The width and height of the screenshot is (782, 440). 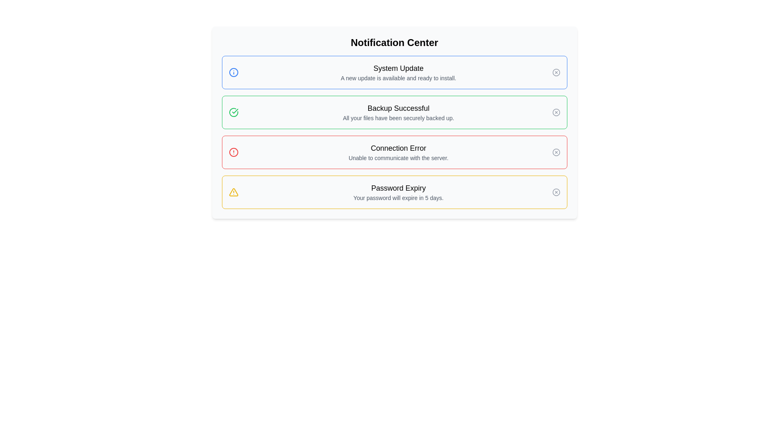 What do you see at coordinates (398, 112) in the screenshot?
I see `the informational text that displays a confirmation message about a successful backup operation, located within a green-bordered notification card as the second notification in the list` at bounding box center [398, 112].